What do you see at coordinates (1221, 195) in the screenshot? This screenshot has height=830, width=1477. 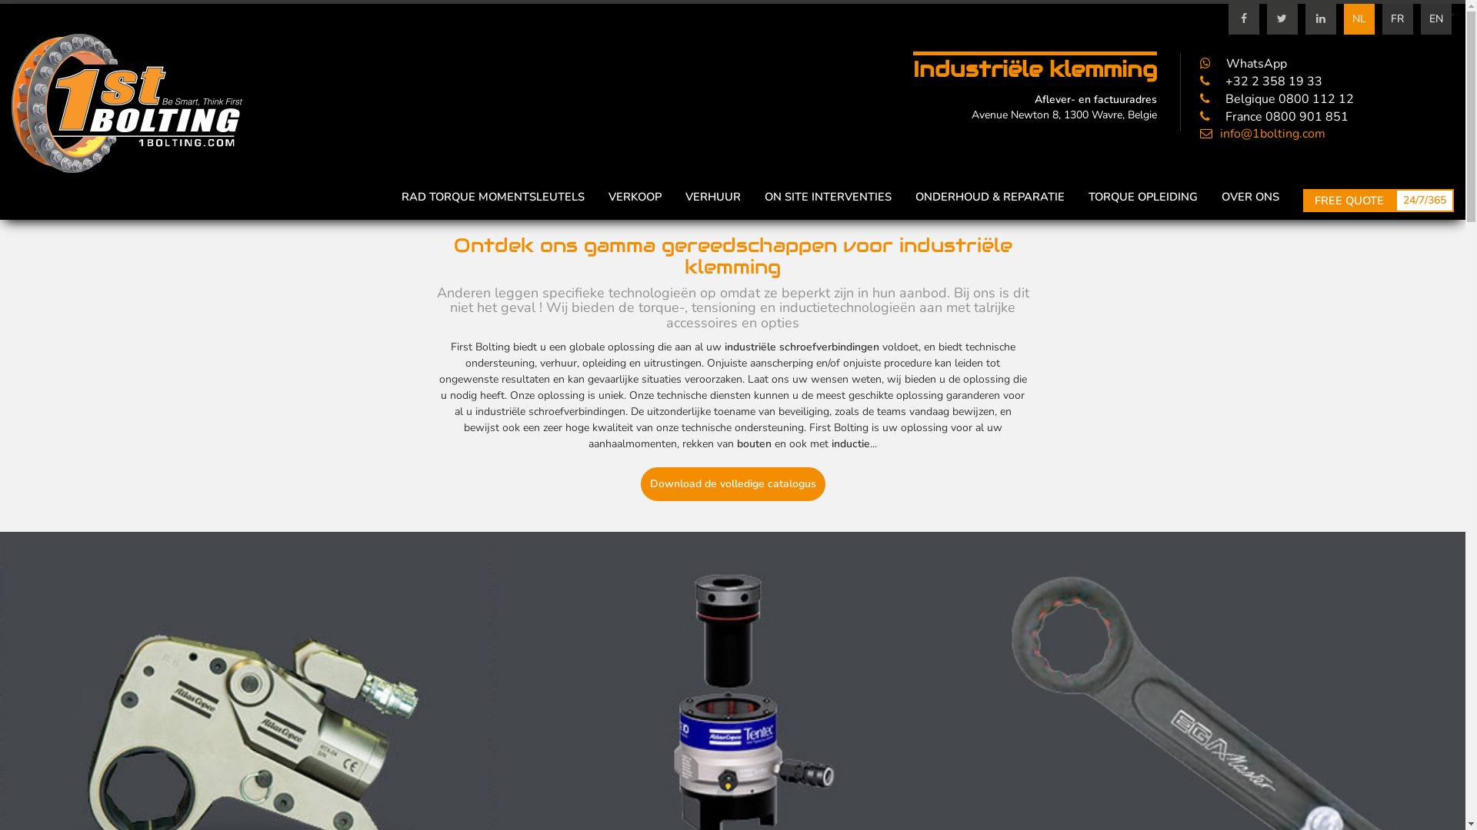 I see `'OVER ONS'` at bounding box center [1221, 195].